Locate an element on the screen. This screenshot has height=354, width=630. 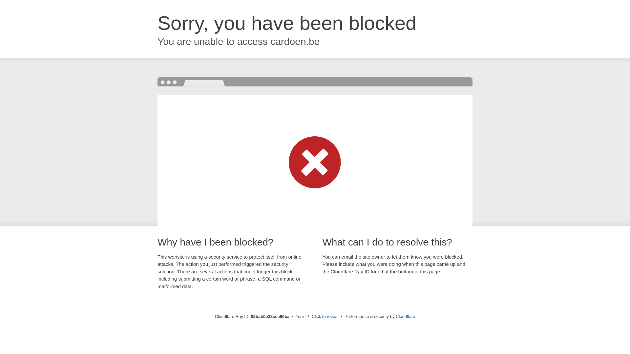
'Click to reveal' is located at coordinates (325, 316).